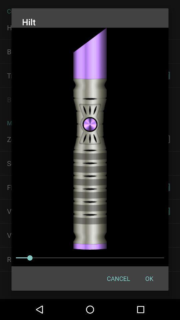 This screenshot has width=180, height=320. What do you see at coordinates (118, 278) in the screenshot?
I see `the cancel` at bounding box center [118, 278].